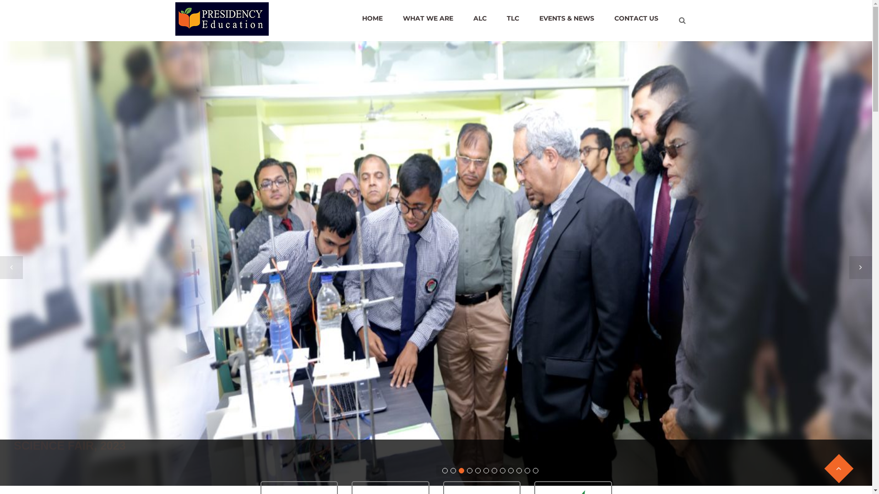 Image resolution: width=879 pixels, height=494 pixels. I want to click on '10', so click(516, 471).